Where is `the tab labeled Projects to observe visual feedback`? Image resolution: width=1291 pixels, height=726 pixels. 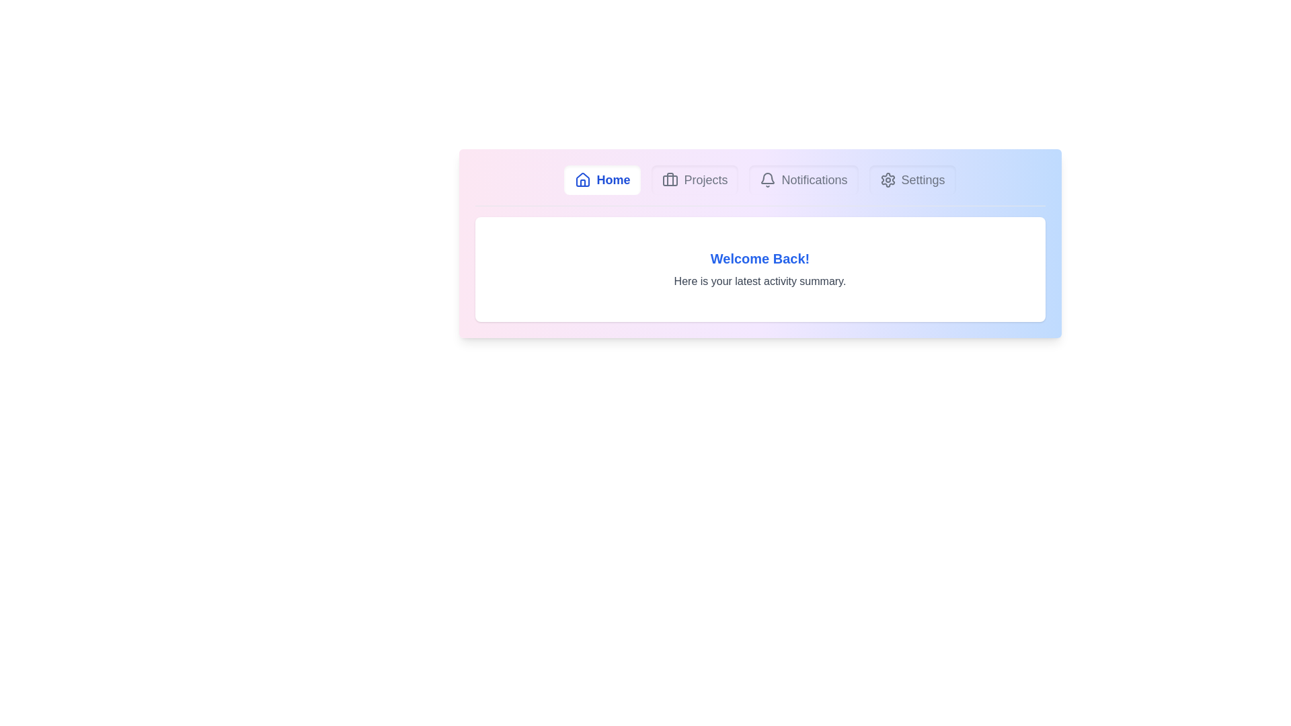
the tab labeled Projects to observe visual feedback is located at coordinates (695, 179).